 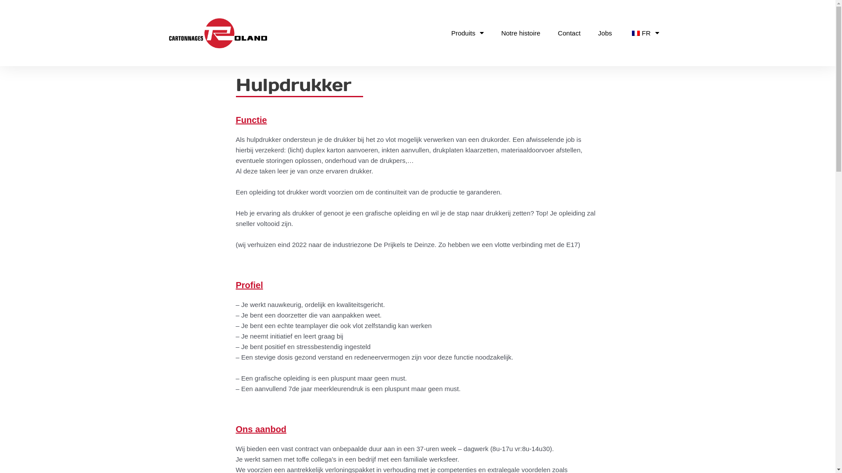 What do you see at coordinates (467, 33) in the screenshot?
I see `'Produits'` at bounding box center [467, 33].